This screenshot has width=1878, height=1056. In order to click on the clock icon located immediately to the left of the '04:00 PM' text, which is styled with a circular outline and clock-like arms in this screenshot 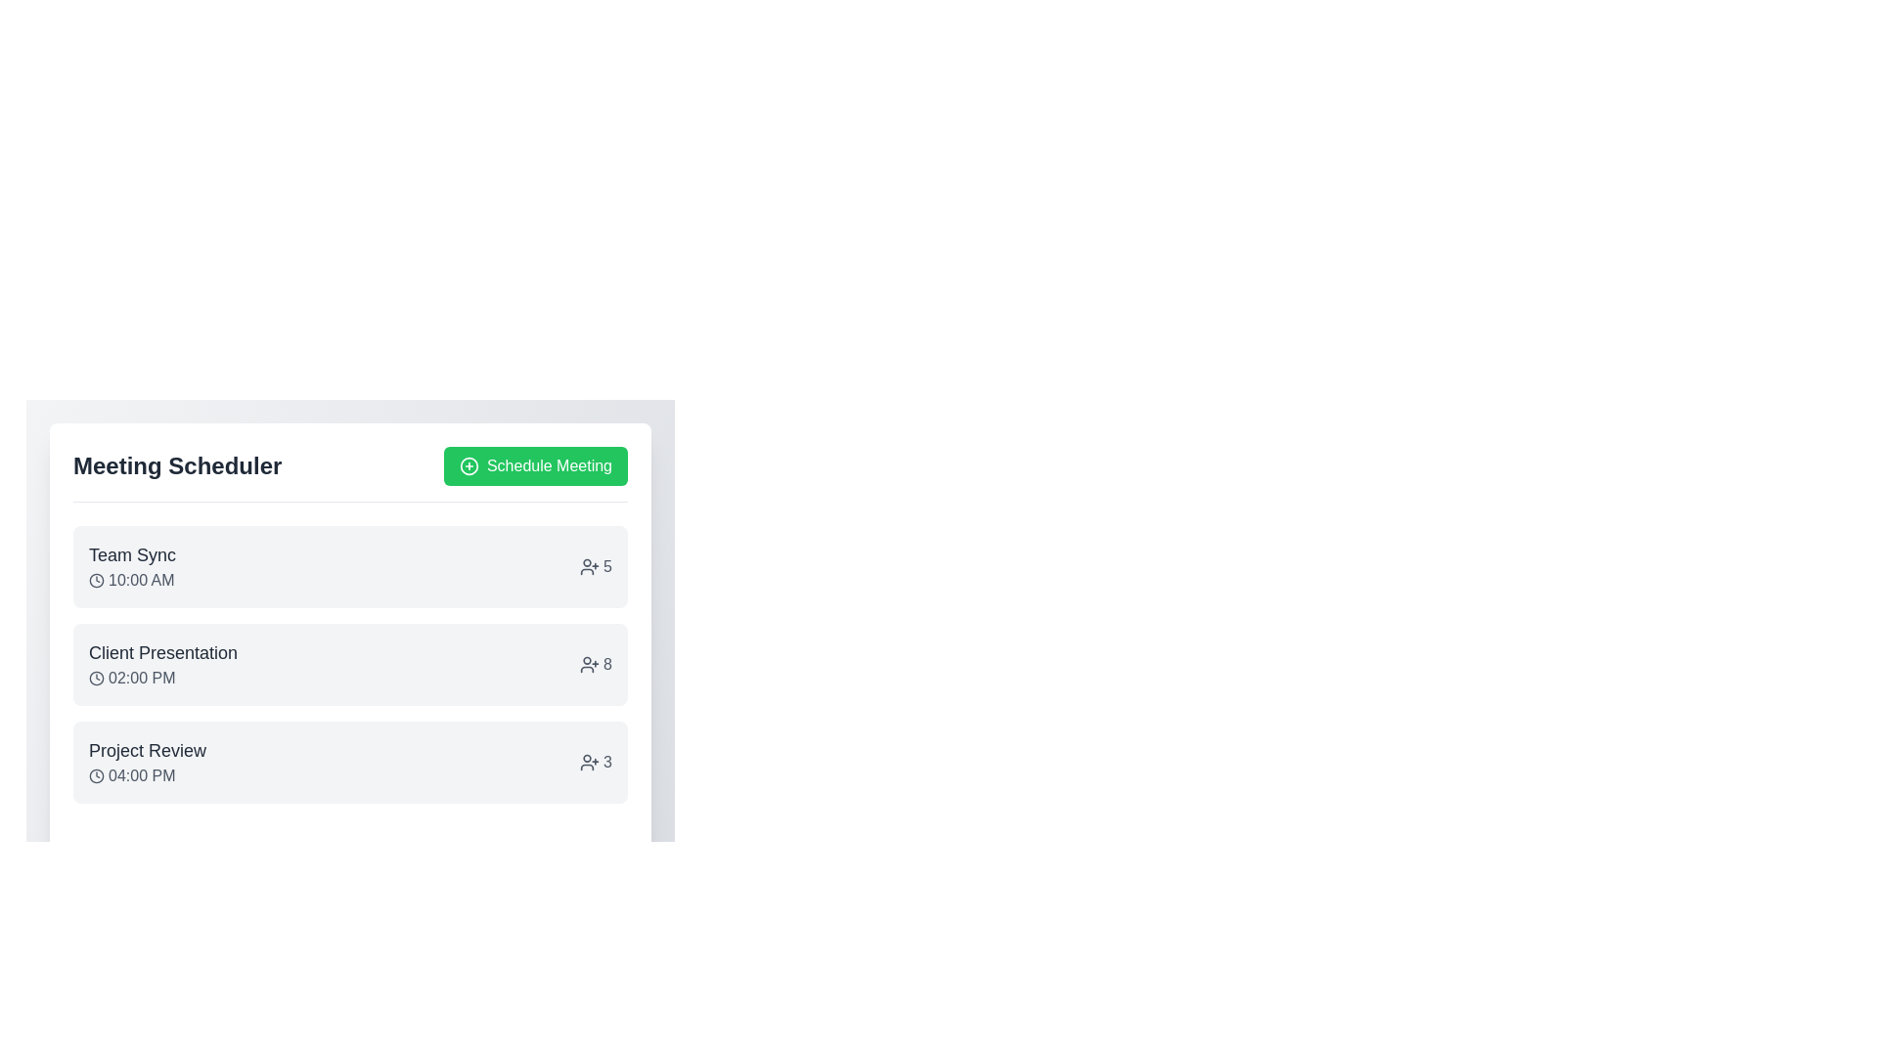, I will do `click(96, 775)`.